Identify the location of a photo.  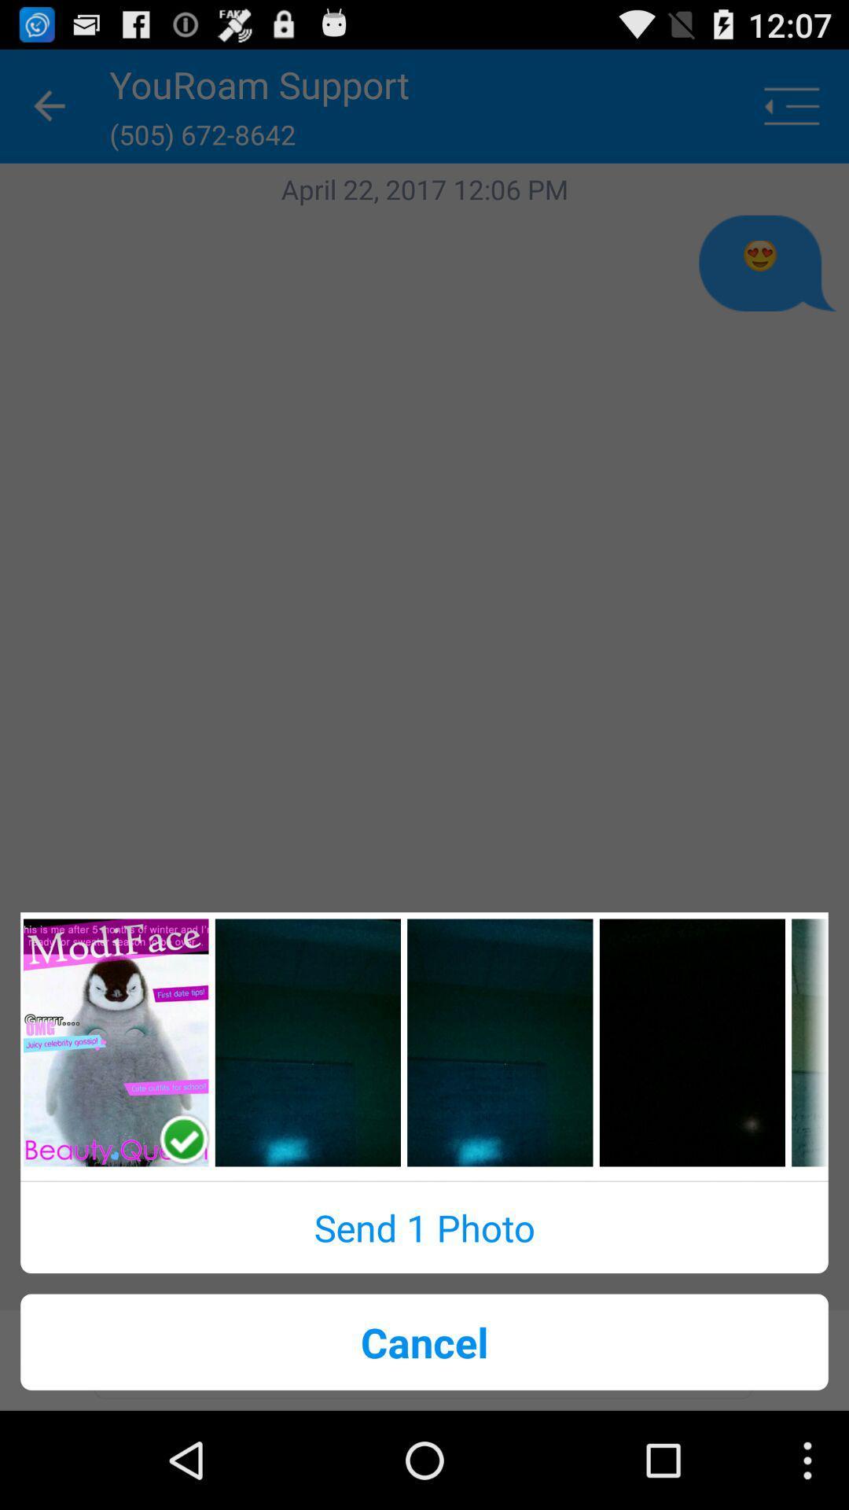
(115, 1042).